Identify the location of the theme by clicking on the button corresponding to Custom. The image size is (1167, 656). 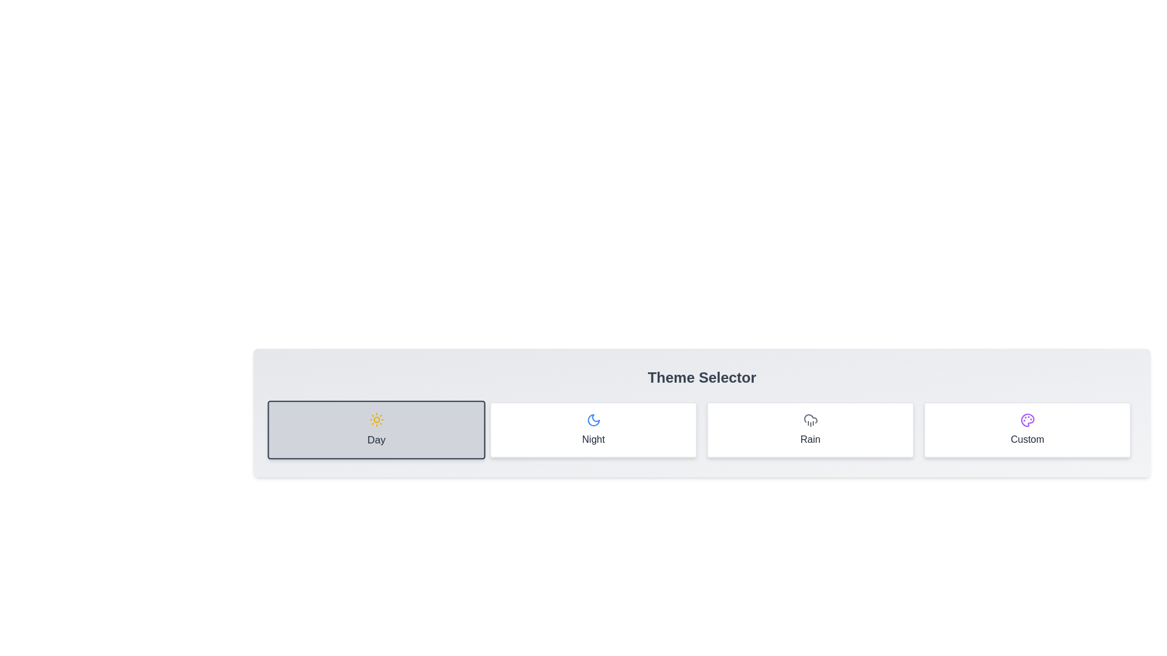
(1027, 429).